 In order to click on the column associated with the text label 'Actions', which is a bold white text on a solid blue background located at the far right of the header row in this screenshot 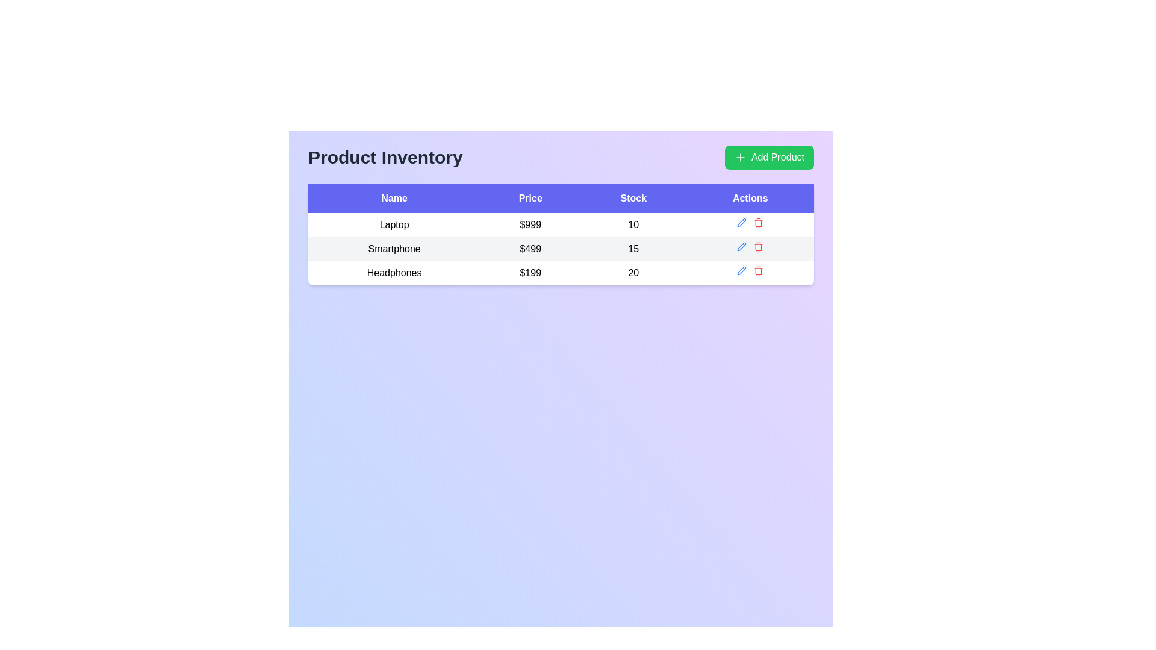, I will do `click(750, 198)`.